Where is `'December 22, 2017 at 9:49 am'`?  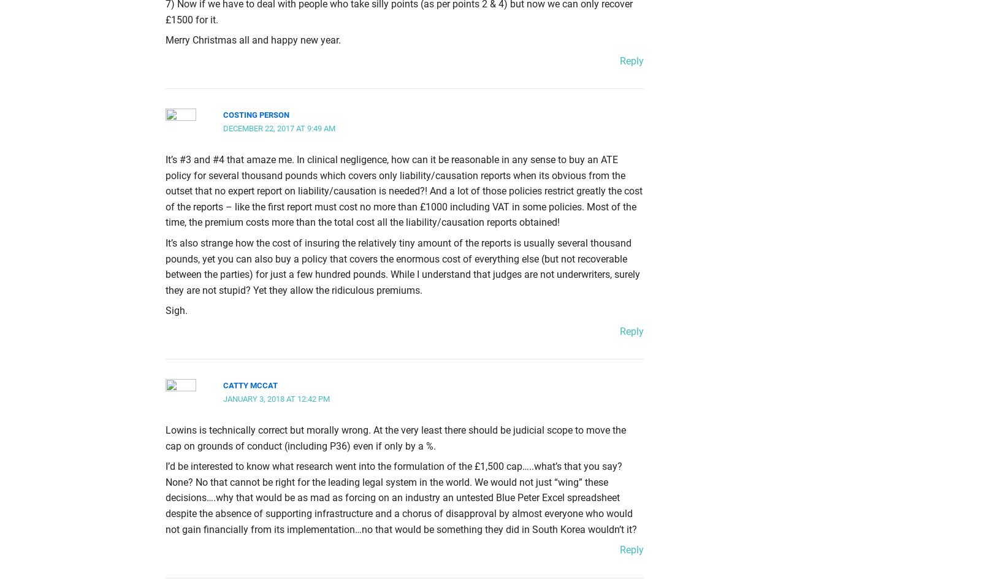
'December 22, 2017 at 9:49 am' is located at coordinates (278, 128).